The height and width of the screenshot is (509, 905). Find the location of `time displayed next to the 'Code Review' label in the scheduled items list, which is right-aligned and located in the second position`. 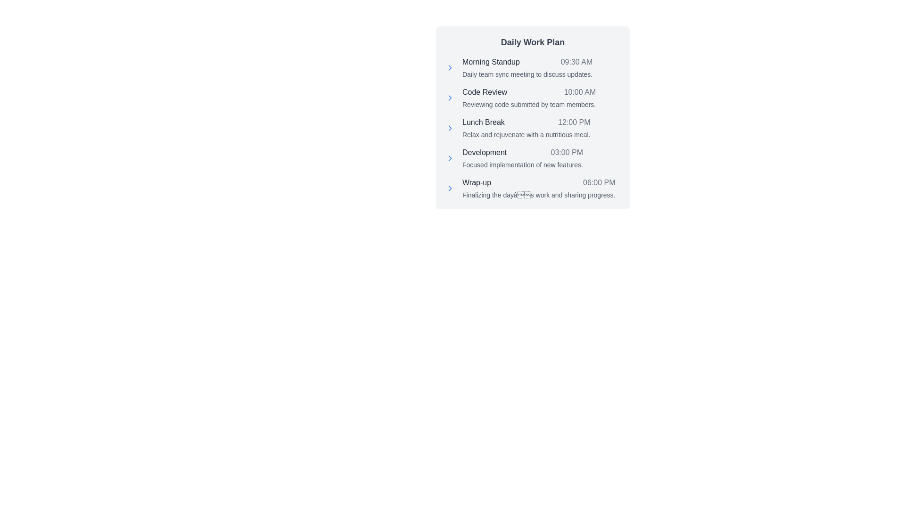

time displayed next to the 'Code Review' label in the scheduled items list, which is right-aligned and located in the second position is located at coordinates (579, 92).